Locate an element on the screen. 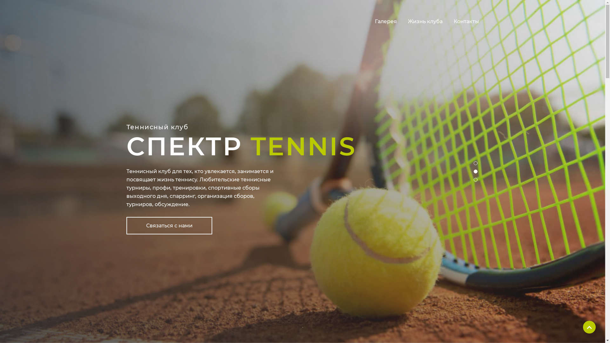 This screenshot has height=343, width=610. '3' is located at coordinates (477, 181).